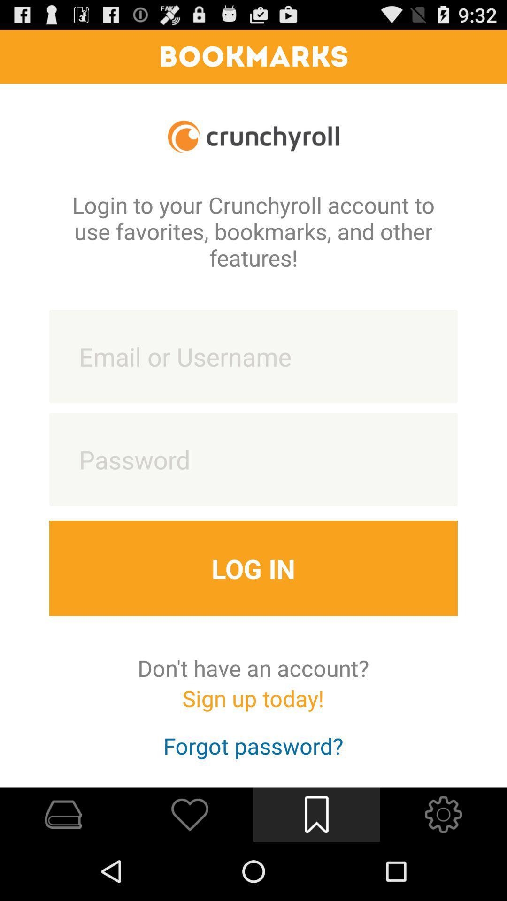 The width and height of the screenshot is (507, 901). What do you see at coordinates (253, 356) in the screenshot?
I see `text` at bounding box center [253, 356].